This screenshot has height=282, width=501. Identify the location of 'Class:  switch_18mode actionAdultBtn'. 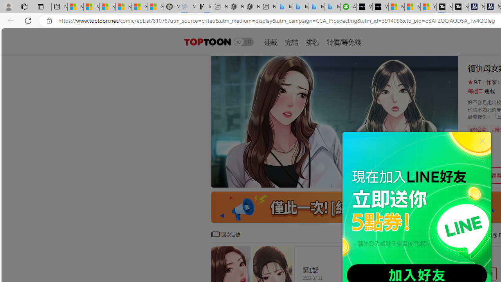
(243, 42).